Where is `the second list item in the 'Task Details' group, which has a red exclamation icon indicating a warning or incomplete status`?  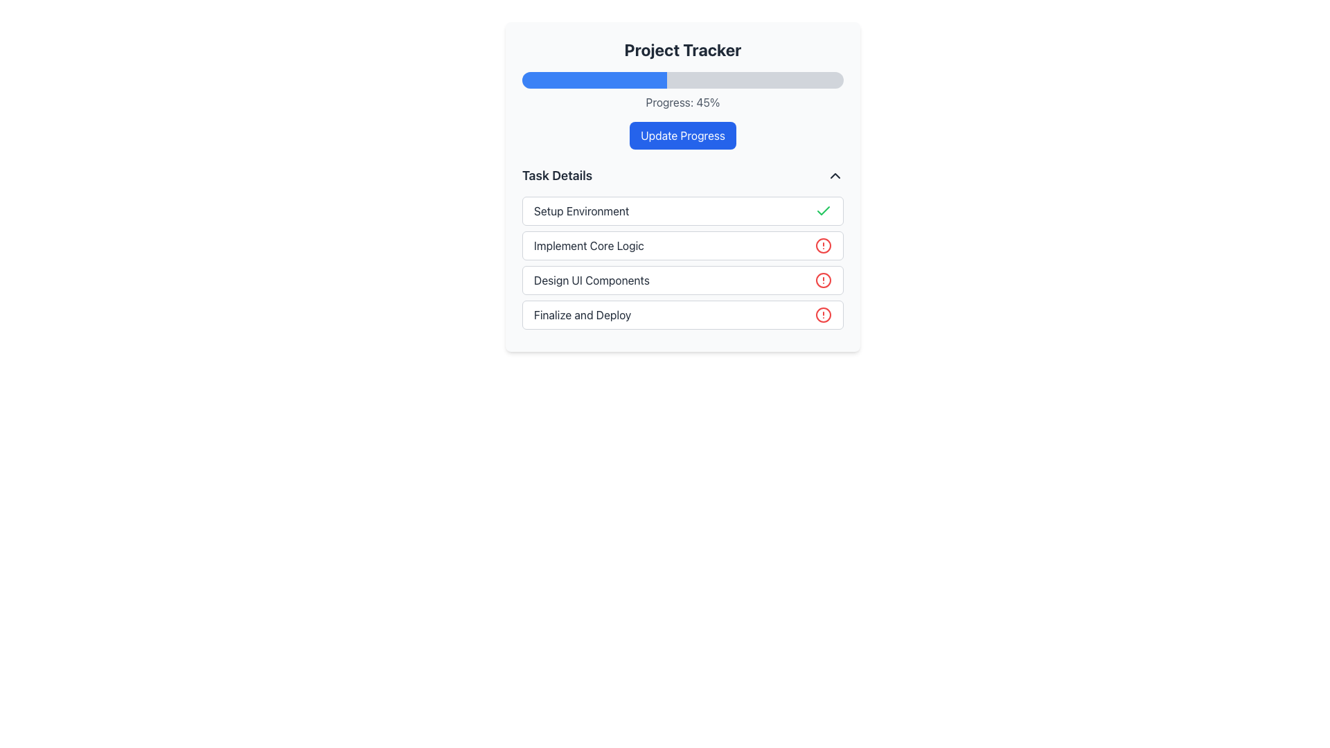 the second list item in the 'Task Details' group, which has a red exclamation icon indicating a warning or incomplete status is located at coordinates (682, 244).